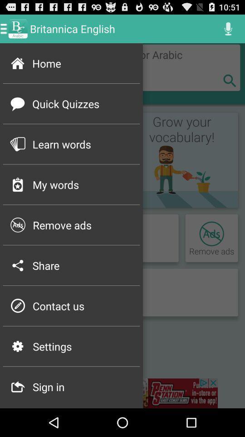 This screenshot has height=437, width=245. Describe the element at coordinates (18, 306) in the screenshot. I see `the p` at that location.